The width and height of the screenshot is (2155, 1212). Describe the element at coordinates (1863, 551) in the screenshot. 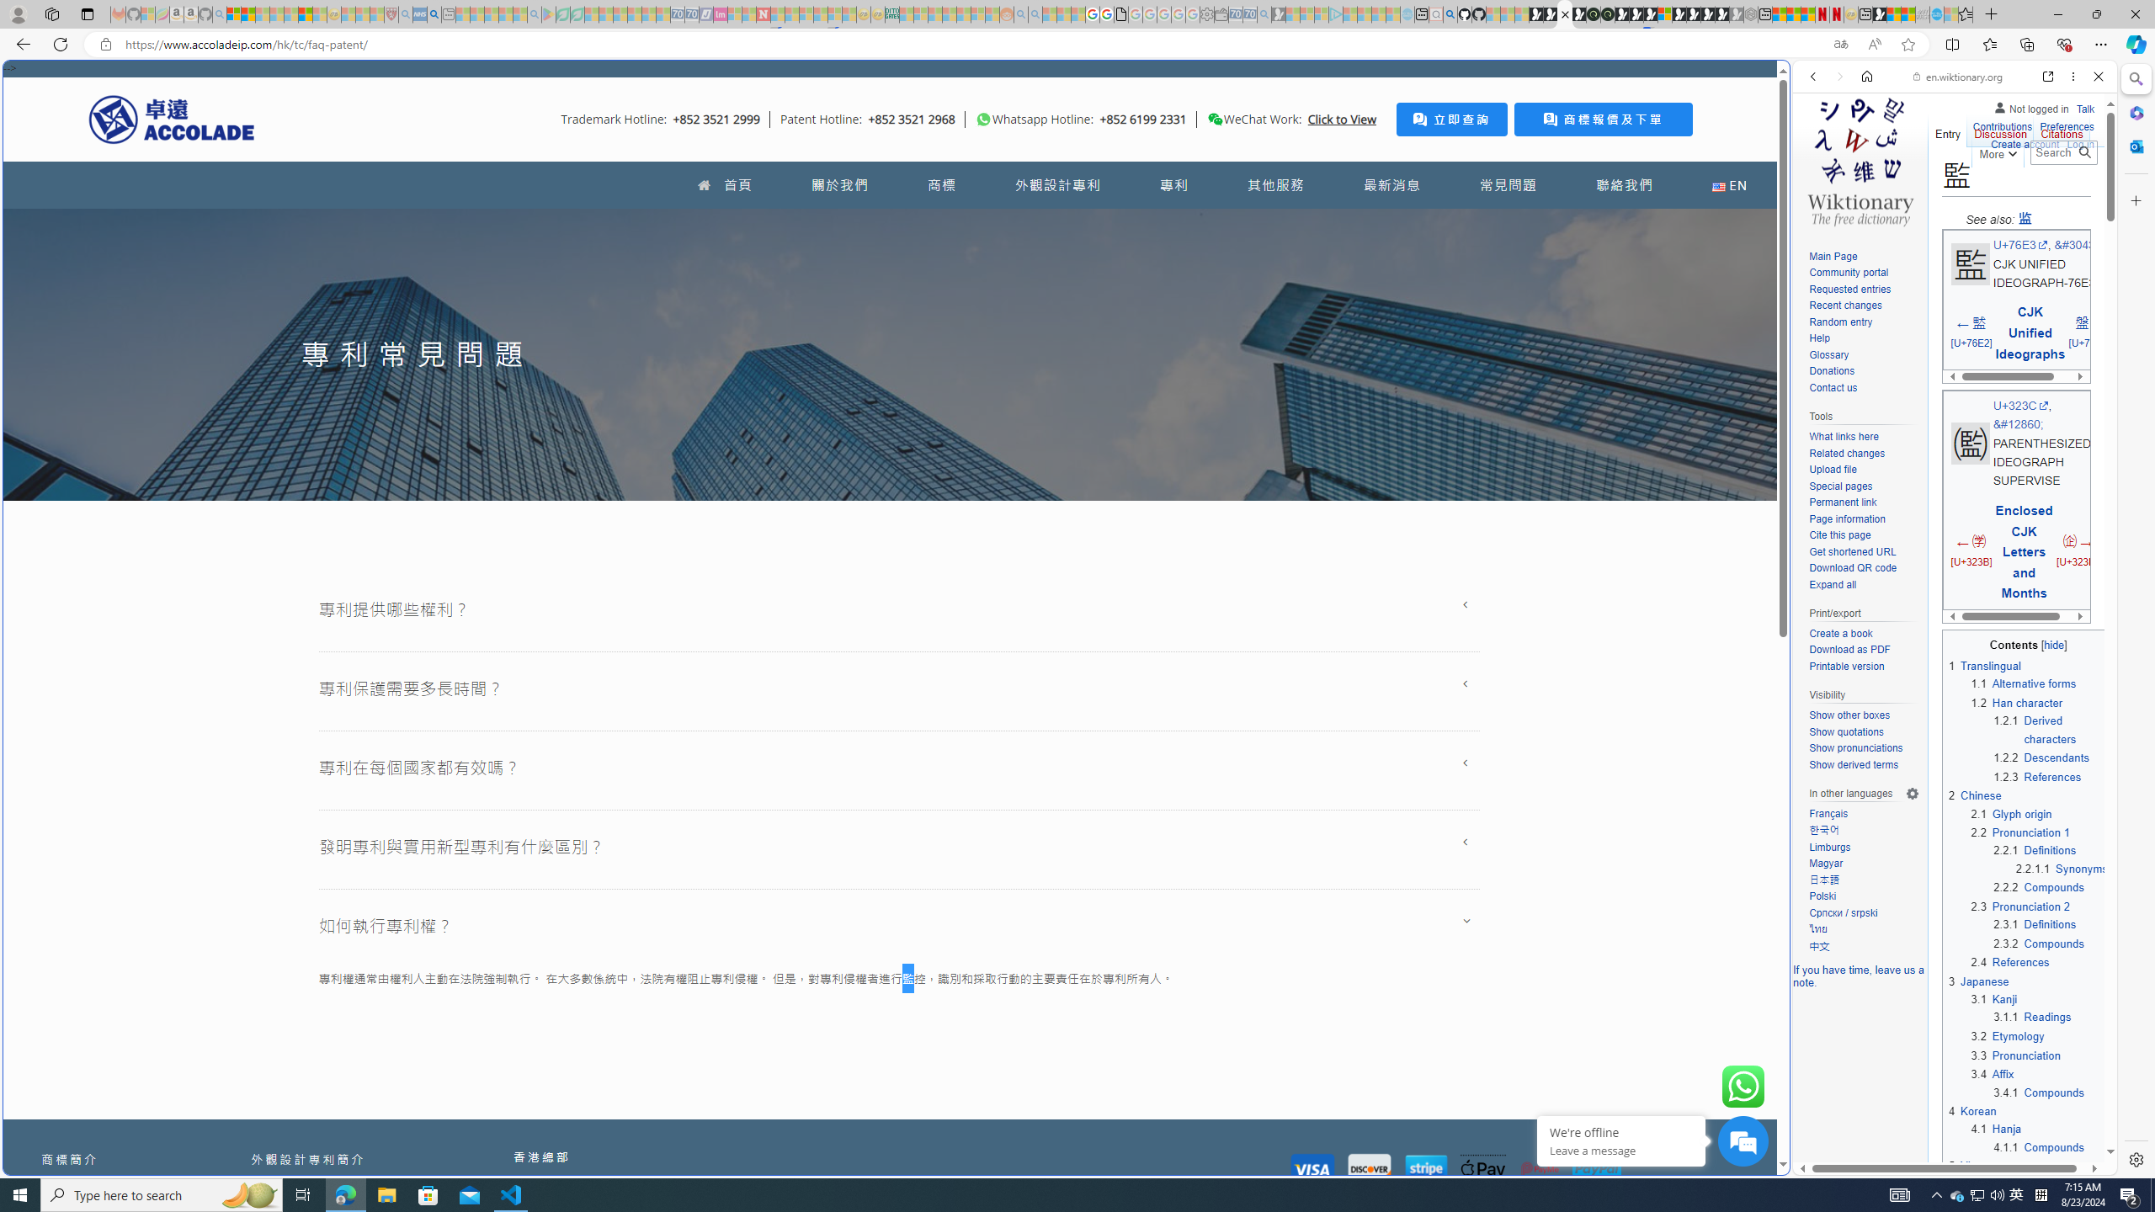

I see `'Get shortened URL'` at that location.